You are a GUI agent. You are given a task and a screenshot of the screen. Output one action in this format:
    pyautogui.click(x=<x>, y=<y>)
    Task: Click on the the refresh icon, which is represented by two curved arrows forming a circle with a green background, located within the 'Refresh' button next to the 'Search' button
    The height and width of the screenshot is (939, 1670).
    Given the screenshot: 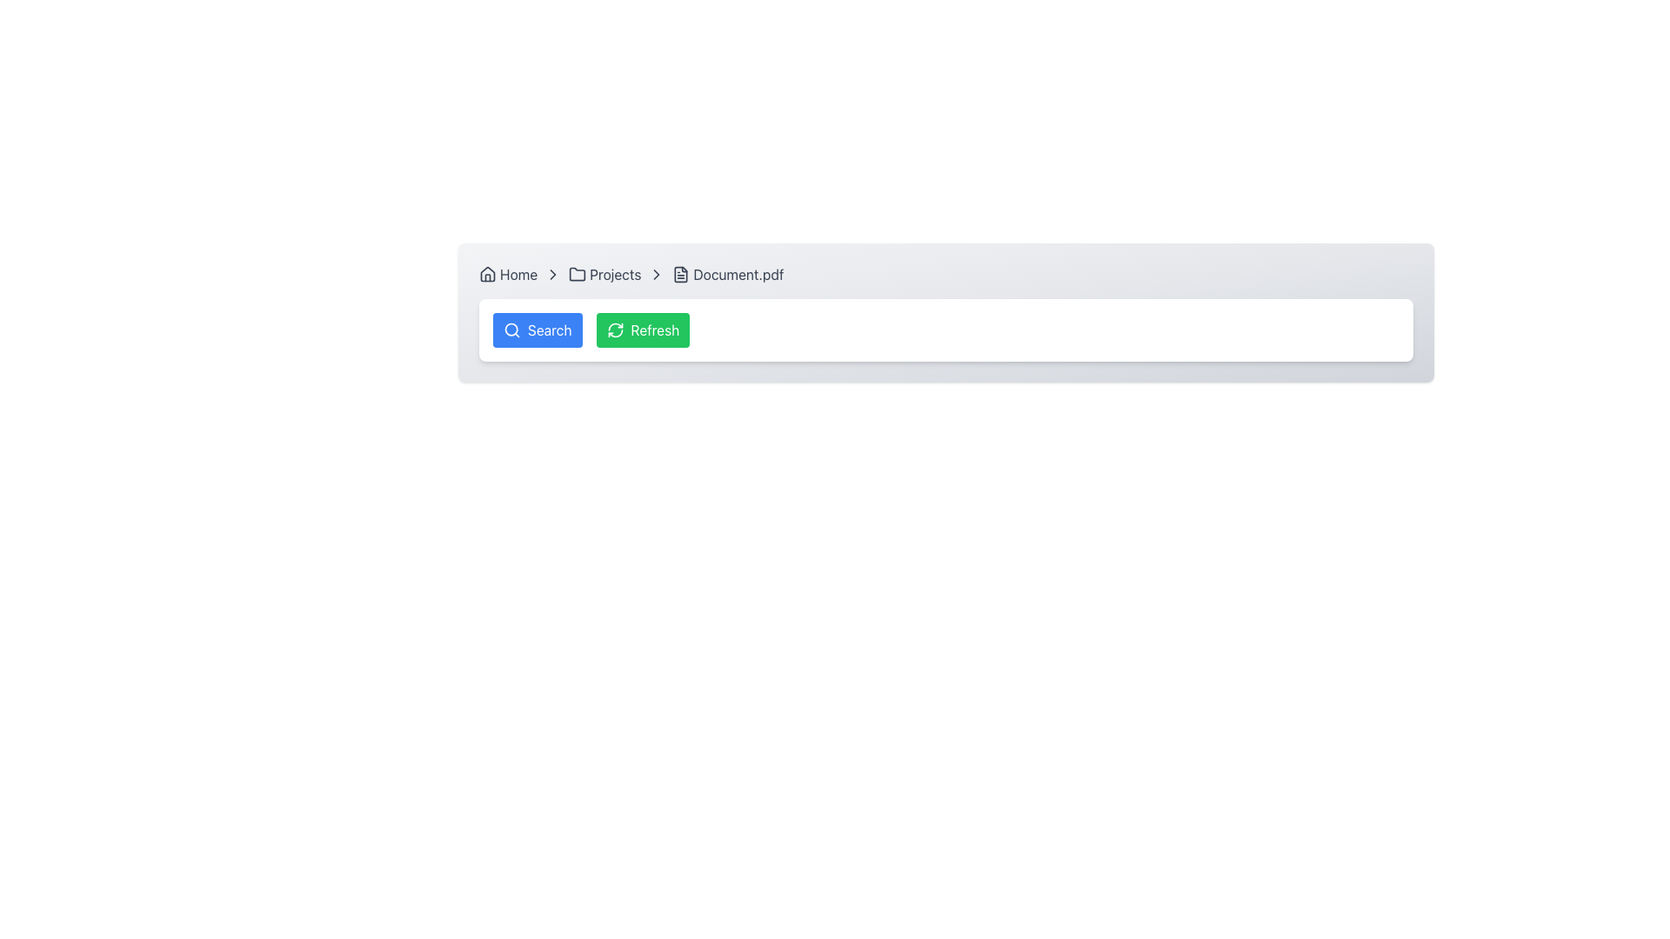 What is the action you would take?
    pyautogui.click(x=615, y=330)
    